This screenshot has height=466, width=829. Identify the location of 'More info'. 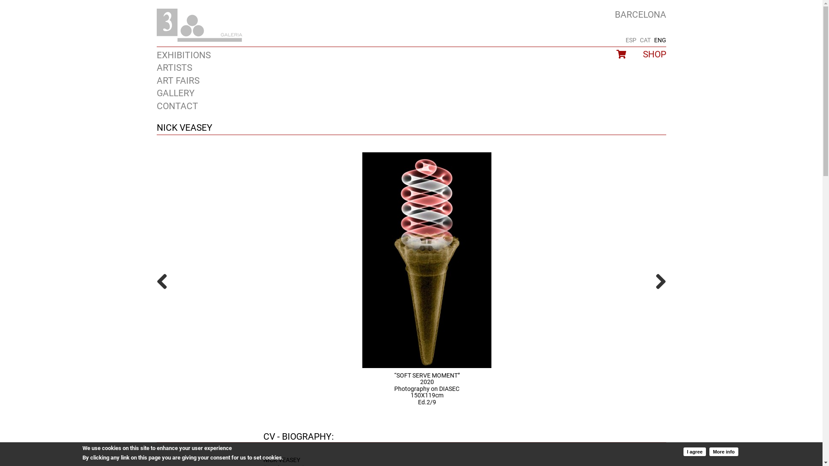
(723, 450).